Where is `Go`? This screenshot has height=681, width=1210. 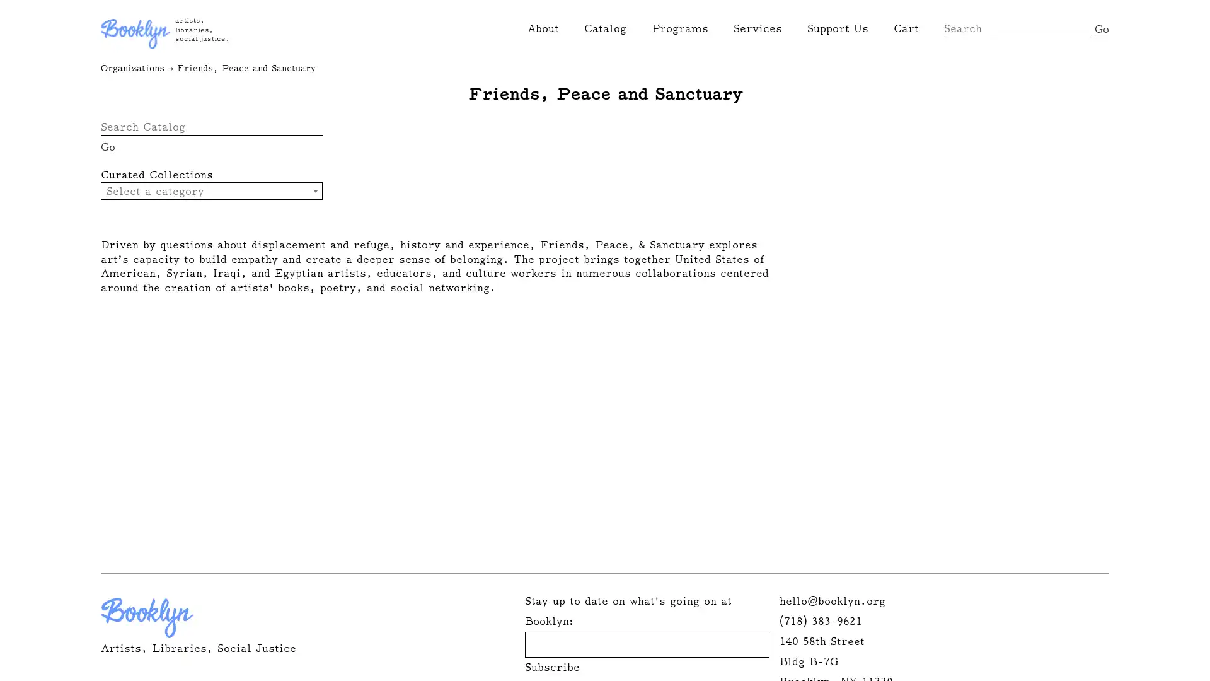
Go is located at coordinates (108, 146).